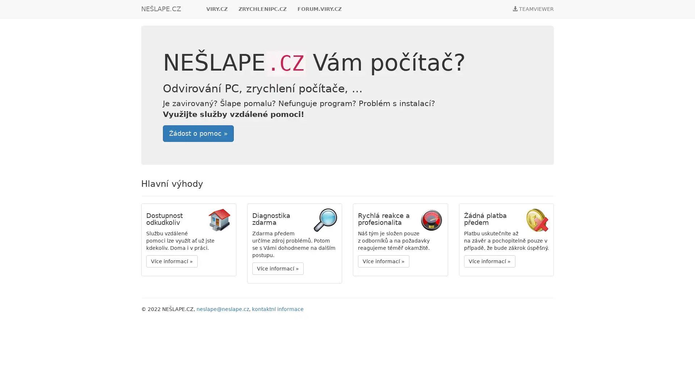 The height and width of the screenshot is (391, 695). What do you see at coordinates (489, 261) in the screenshot?
I see `Vice informaci` at bounding box center [489, 261].